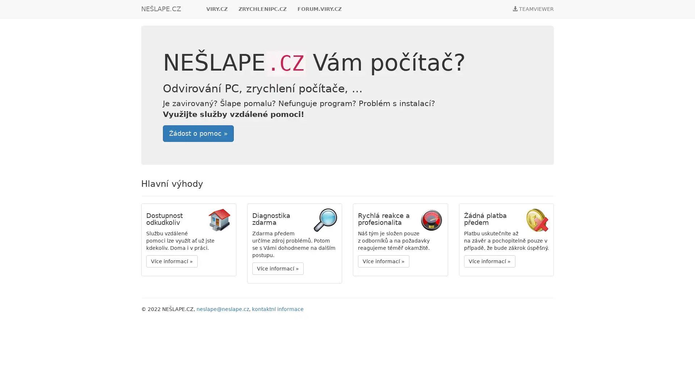 The height and width of the screenshot is (391, 695). What do you see at coordinates (489, 261) in the screenshot?
I see `Vice informaci` at bounding box center [489, 261].